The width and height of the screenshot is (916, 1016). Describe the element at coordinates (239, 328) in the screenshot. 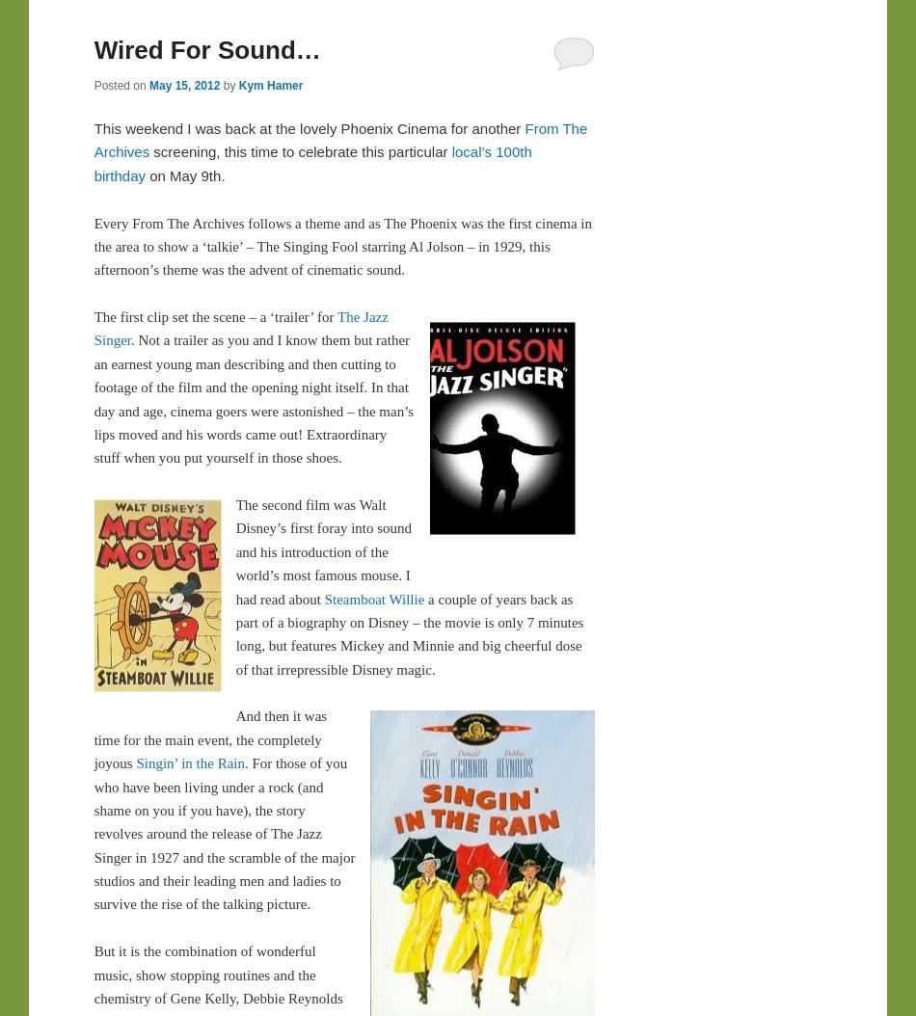

I see `'The Jazz Singer'` at that location.